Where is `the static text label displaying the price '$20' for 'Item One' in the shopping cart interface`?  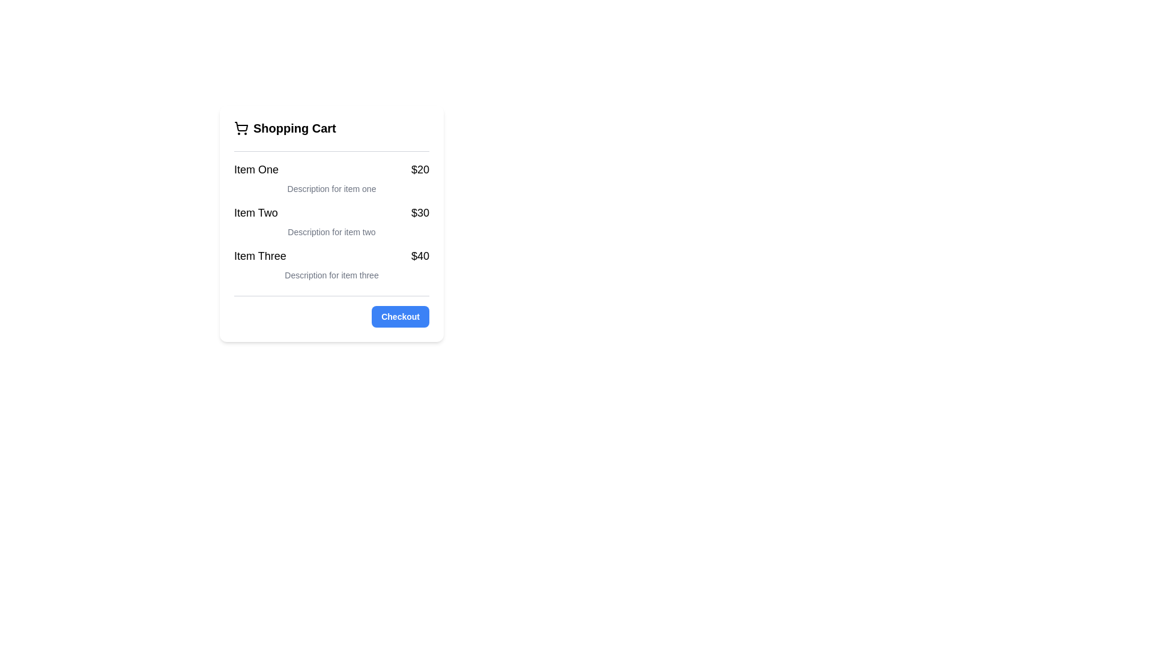 the static text label displaying the price '$20' for 'Item One' in the shopping cart interface is located at coordinates (420, 169).